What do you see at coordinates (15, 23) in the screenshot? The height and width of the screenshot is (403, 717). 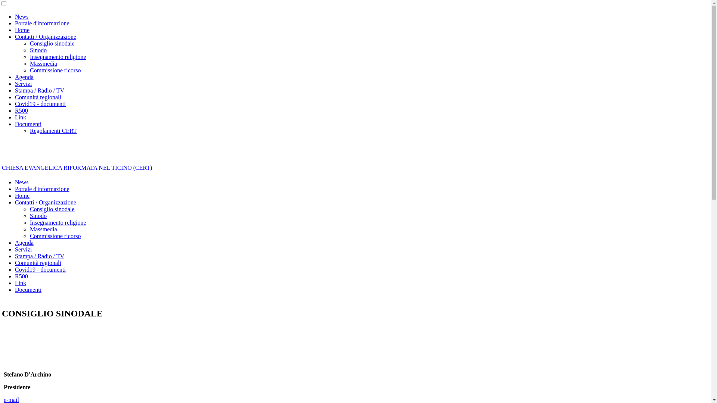 I see `'Portale d'informazione'` at bounding box center [15, 23].